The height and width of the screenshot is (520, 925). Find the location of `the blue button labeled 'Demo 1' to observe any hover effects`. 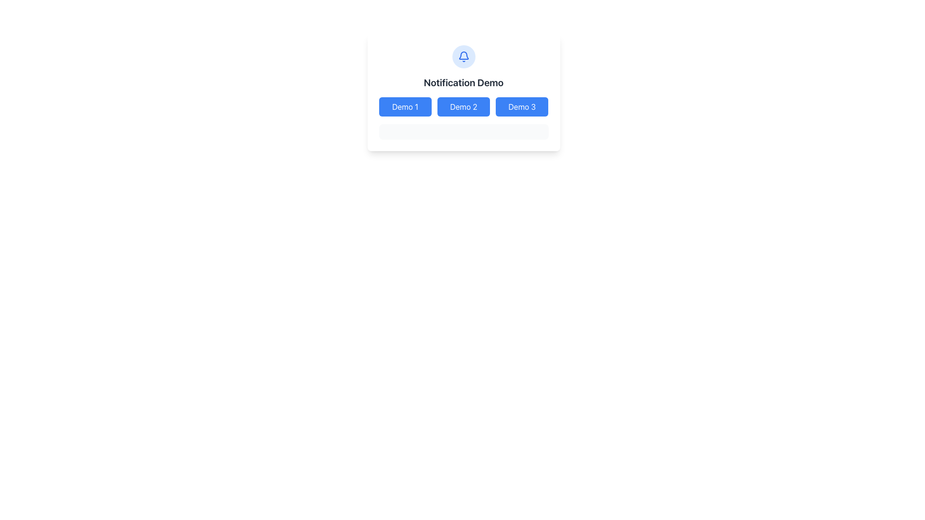

the blue button labeled 'Demo 1' to observe any hover effects is located at coordinates (405, 107).